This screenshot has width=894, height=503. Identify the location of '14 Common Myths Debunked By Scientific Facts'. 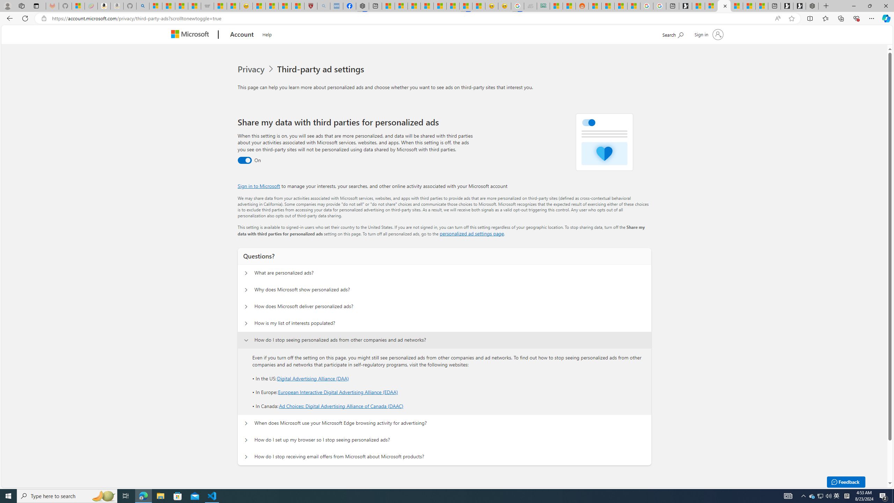
(440, 6).